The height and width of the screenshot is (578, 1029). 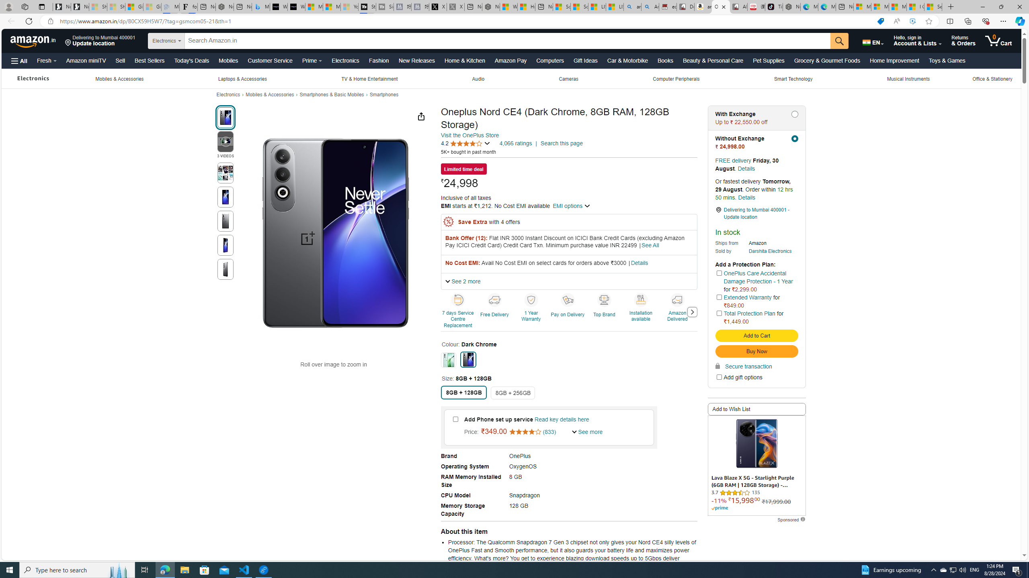 I want to click on 'Microsoft Start Sports', so click(x=313, y=6).